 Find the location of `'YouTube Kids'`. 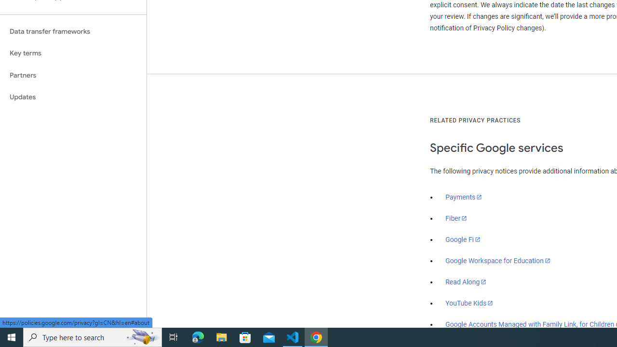

'YouTube Kids' is located at coordinates (469, 302).